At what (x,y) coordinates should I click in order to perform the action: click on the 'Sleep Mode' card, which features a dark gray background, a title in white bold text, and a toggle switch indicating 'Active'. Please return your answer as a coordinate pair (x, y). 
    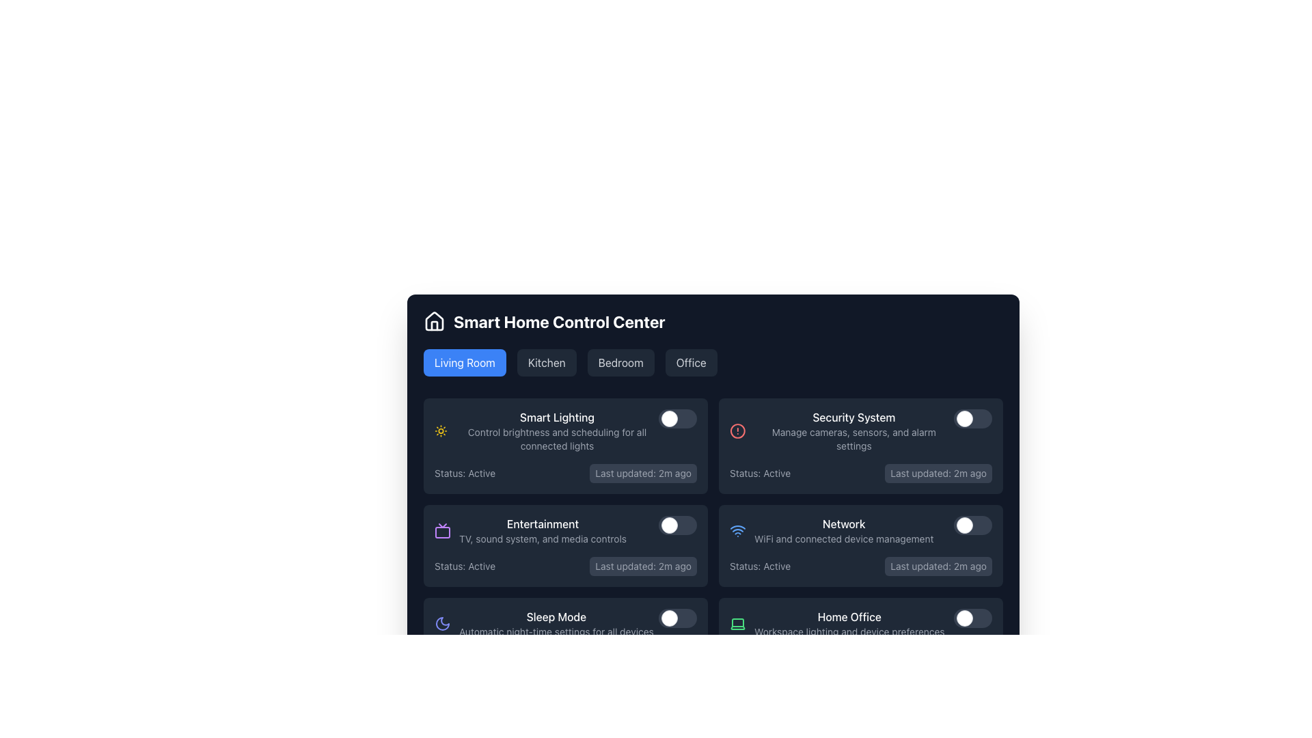
    Looking at the image, I should click on (566, 638).